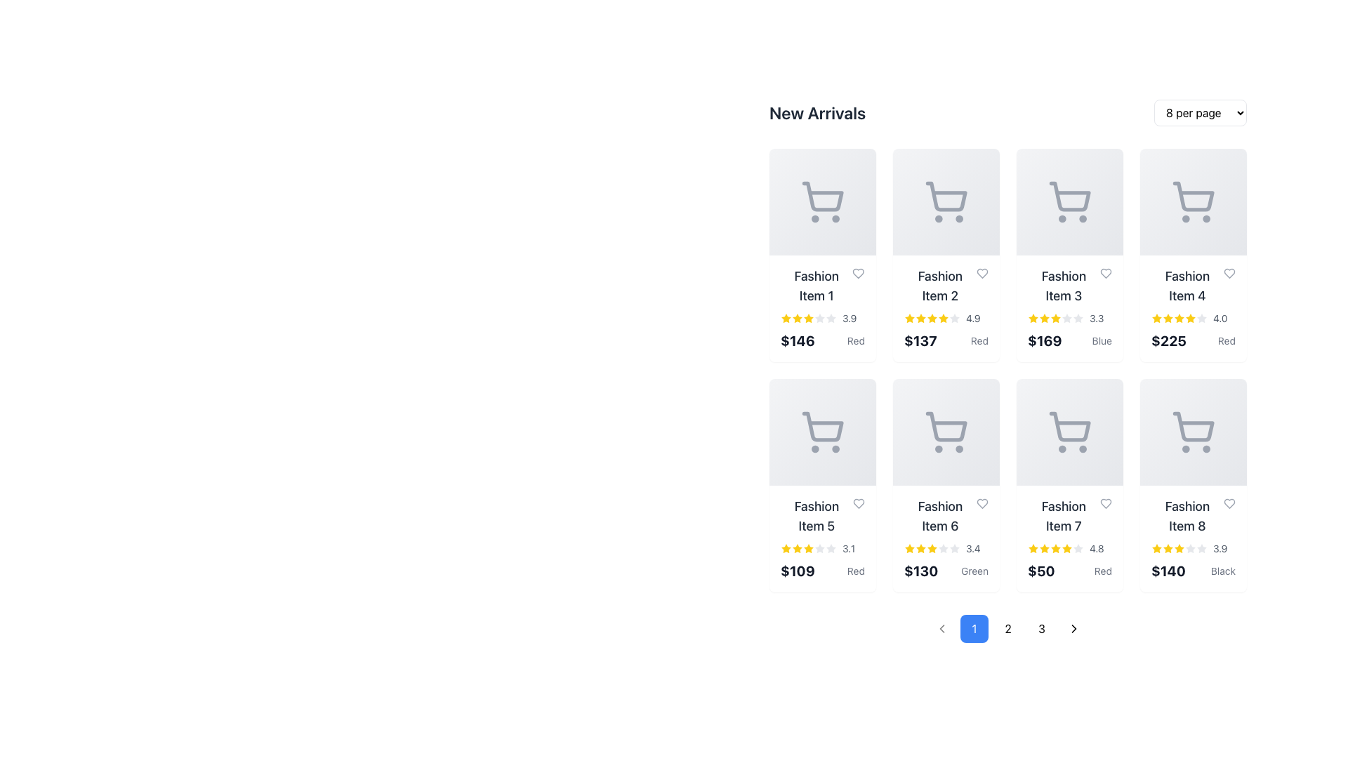 The height and width of the screenshot is (758, 1348). Describe the element at coordinates (921, 571) in the screenshot. I see `the text label displaying the price '$130' in large, bold, black font, located at the bottom of the sixth item in the second row of products, positioned below the star rating and above the smaller text 'Green'` at that location.